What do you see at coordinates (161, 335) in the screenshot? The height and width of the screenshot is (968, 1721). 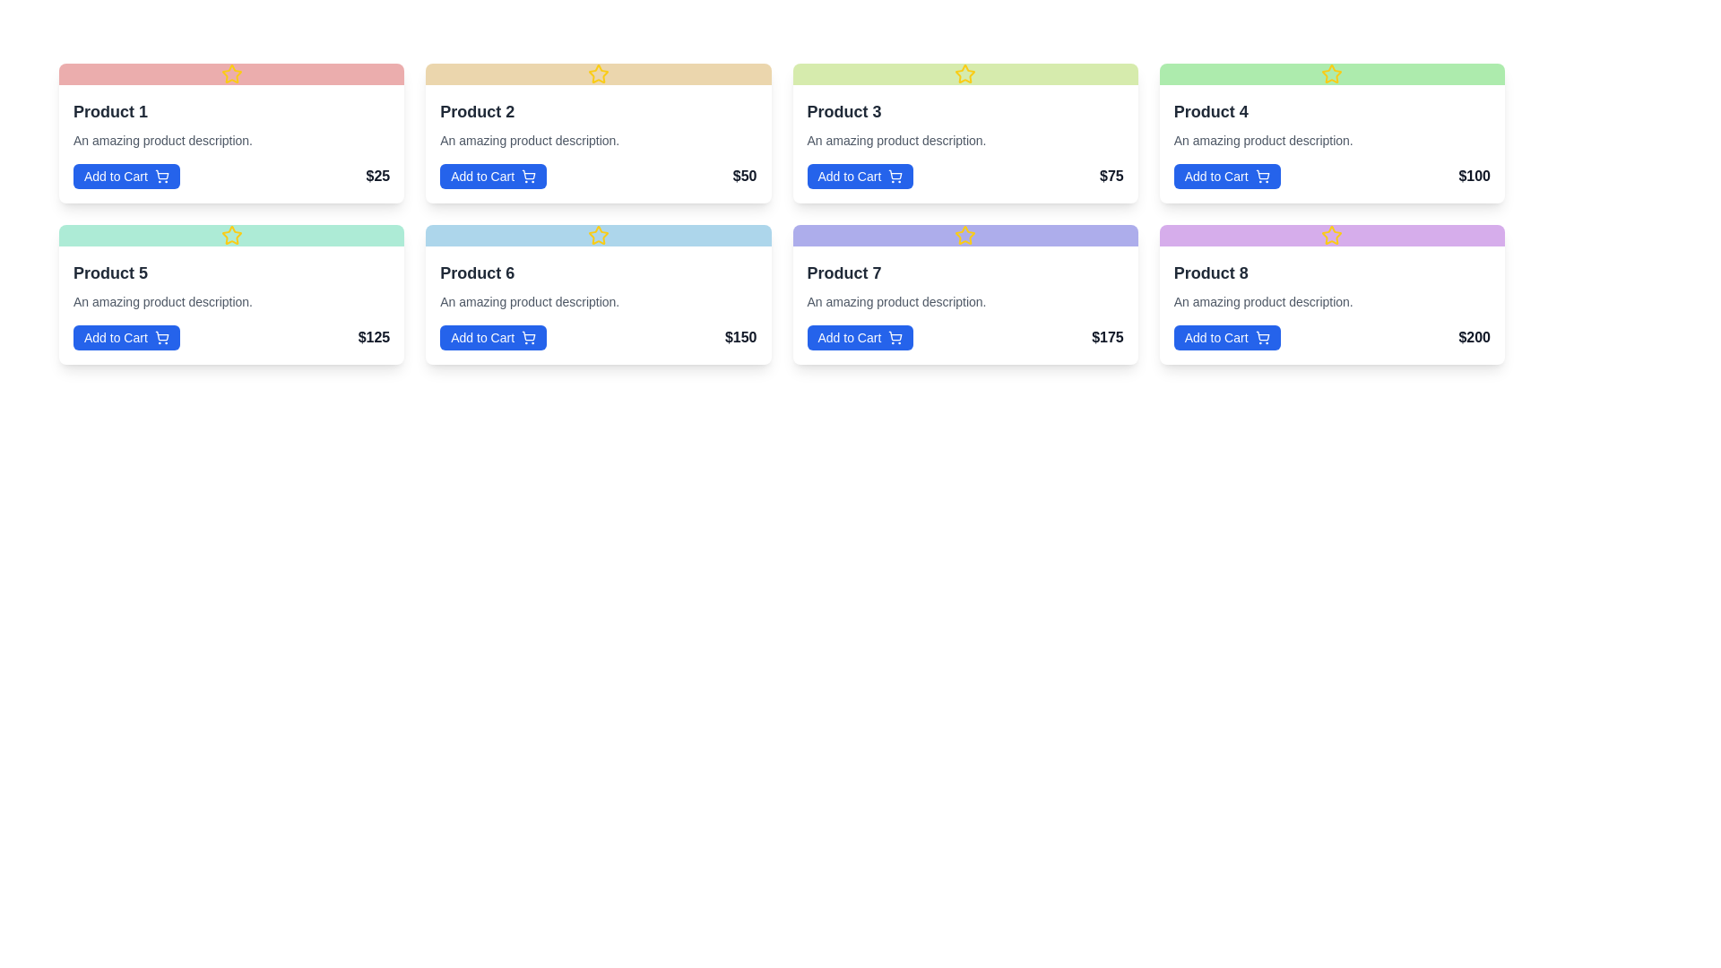 I see `the shopping cart icon located on the right-hand side of the 'Add to Cart' button for 'Product 5'` at bounding box center [161, 335].